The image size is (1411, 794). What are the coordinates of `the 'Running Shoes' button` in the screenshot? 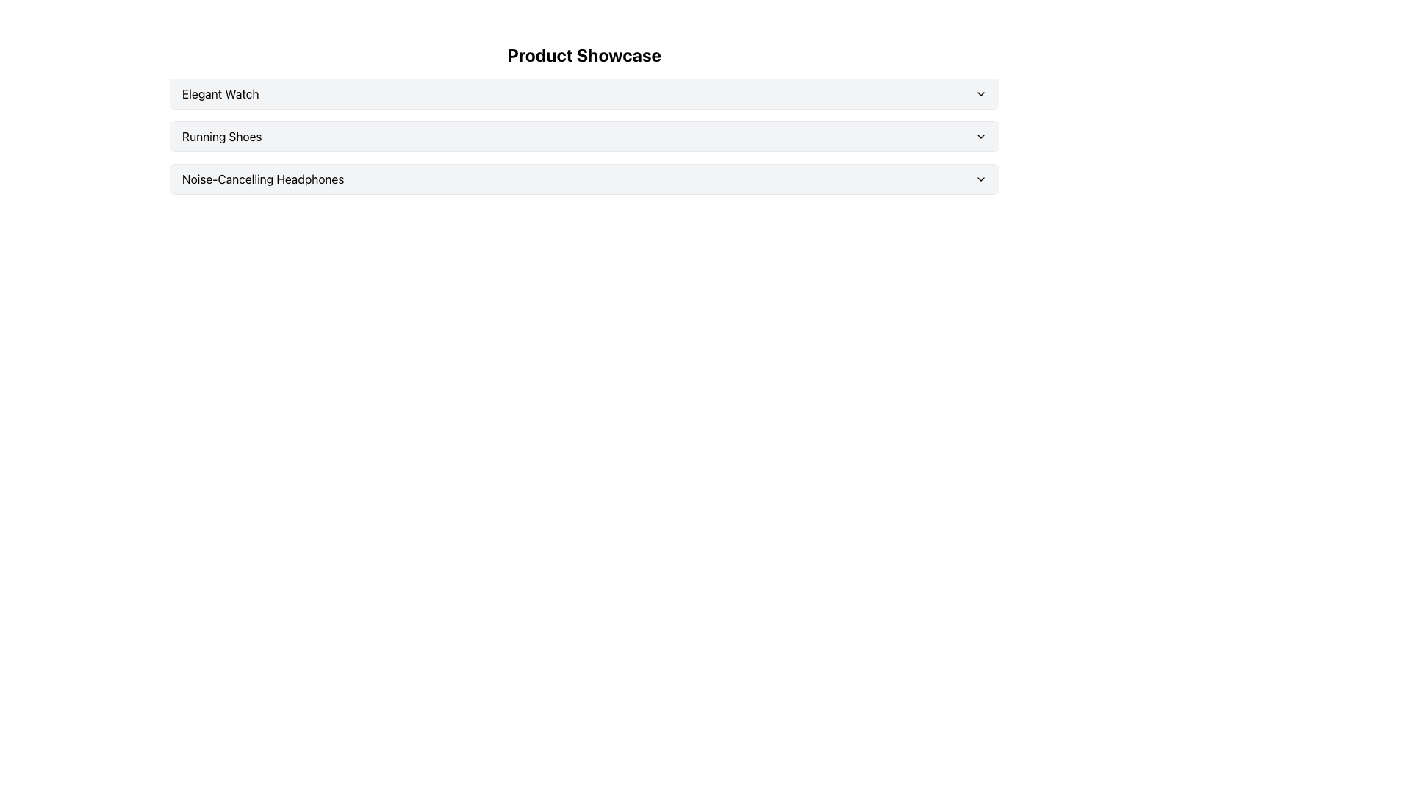 It's located at (584, 136).